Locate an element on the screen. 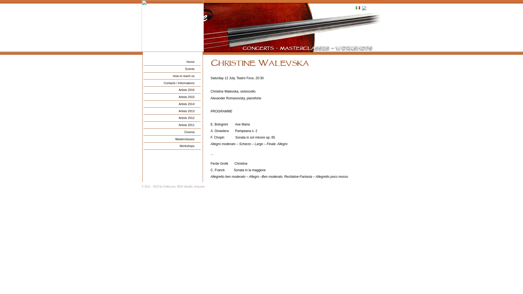 Image resolution: width=523 pixels, height=294 pixels. 'Italiano' is located at coordinates (358, 8).